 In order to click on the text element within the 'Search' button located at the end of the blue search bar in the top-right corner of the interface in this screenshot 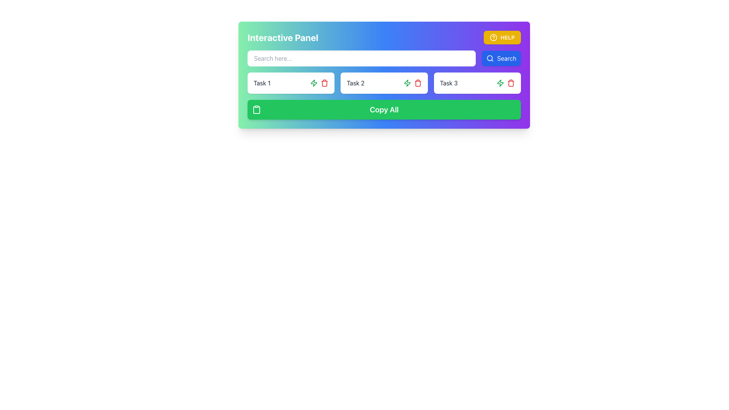, I will do `click(507, 58)`.